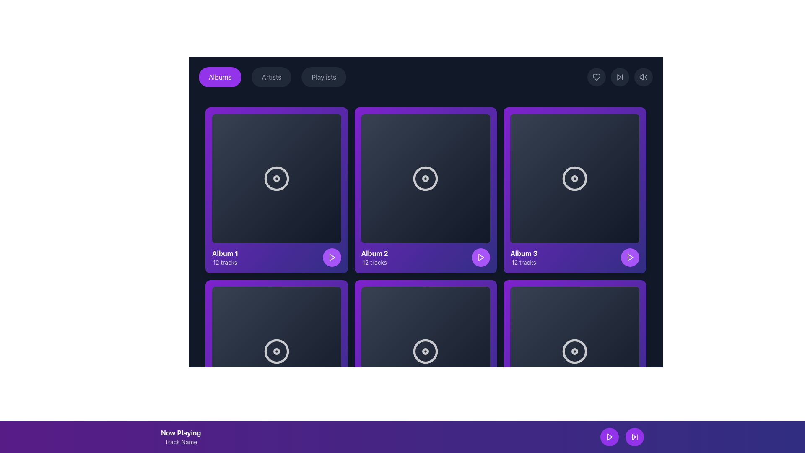 Image resolution: width=805 pixels, height=453 pixels. What do you see at coordinates (574, 351) in the screenshot?
I see `the outer circular ring with a radius of 10 units in the bottom-right card of the grid layout, which serves as a decorative component` at bounding box center [574, 351].